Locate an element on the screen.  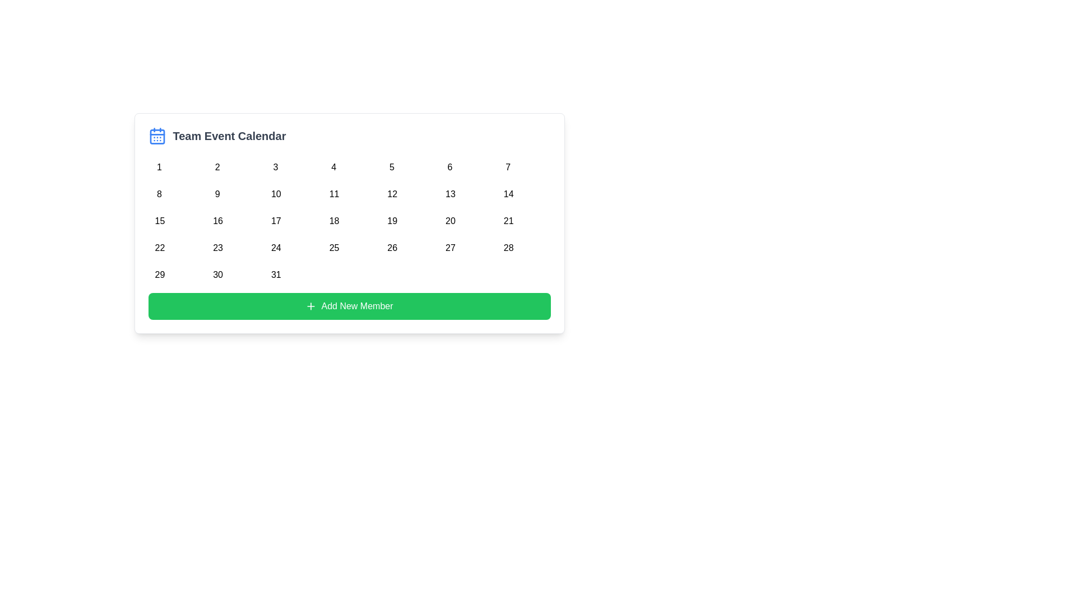
the button representing the 12th day of the calendar located in the grid under 'Team Event Calendar' is located at coordinates (392, 192).